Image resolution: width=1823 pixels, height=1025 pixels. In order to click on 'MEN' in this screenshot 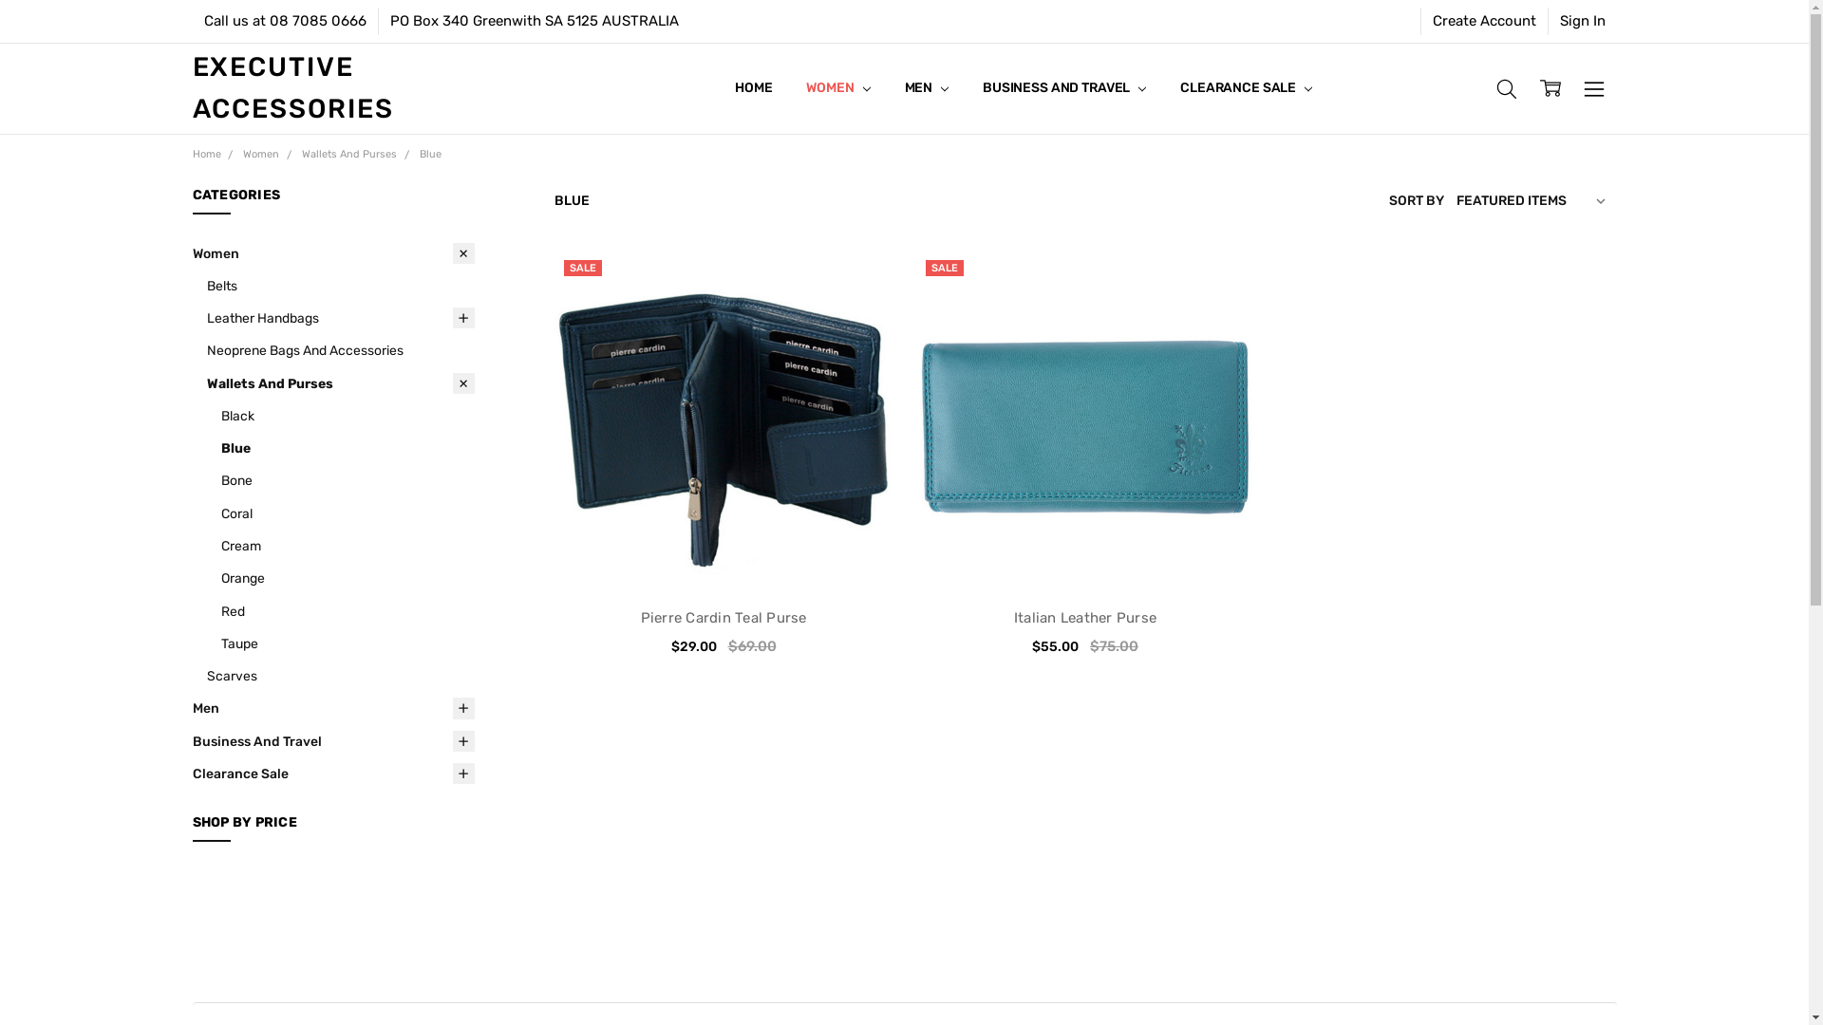, I will do `click(926, 87)`.